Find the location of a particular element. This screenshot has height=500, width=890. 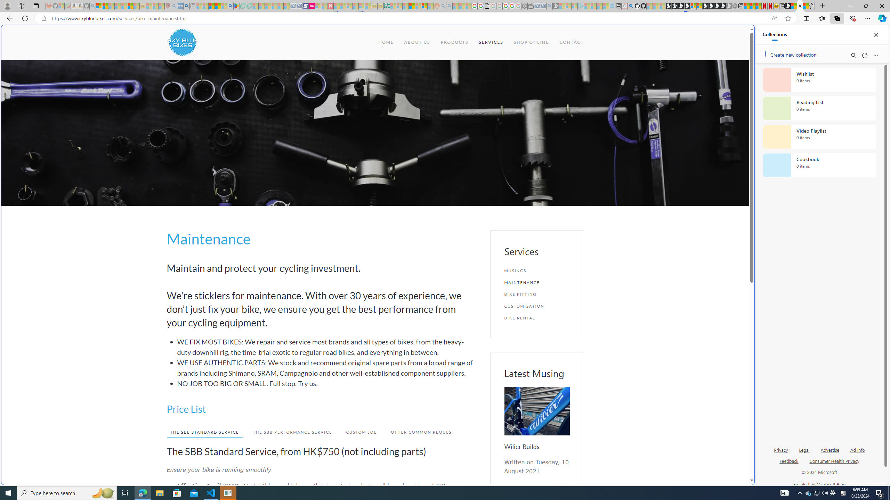

'SHOP ONLINE' is located at coordinates (531, 42).